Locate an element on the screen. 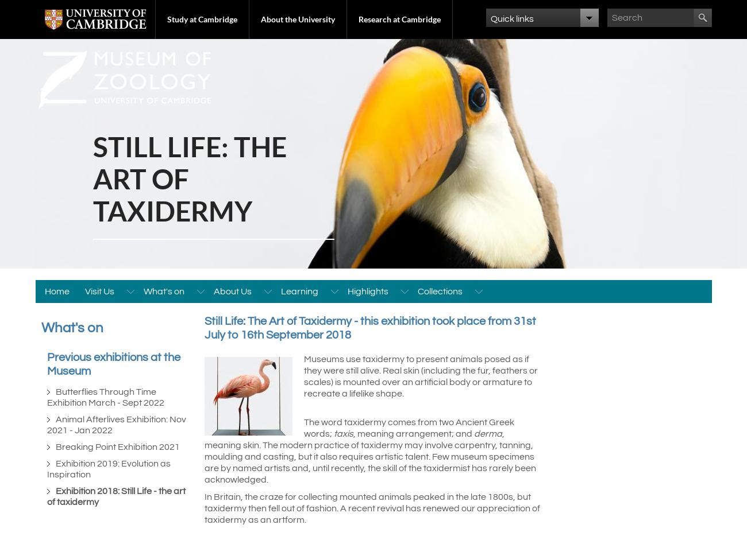  ', meaning skin. The modern practice of taxidermy may involve carpentry, tanning, moulding and casting, but it also requires artistic talent. Few museum specimens are by named artists and, until recently, the skill of the taxidermist has rarely been acknowledged.' is located at coordinates (369, 457).